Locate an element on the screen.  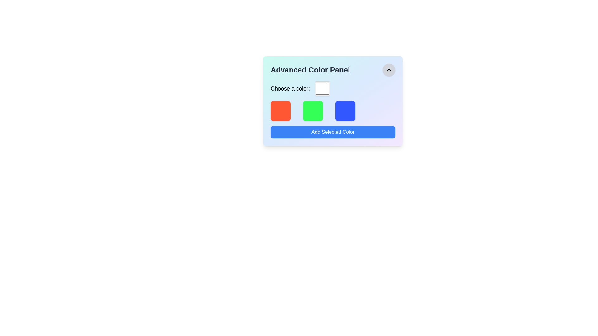
the color input field labeled 'Choose a color:' is located at coordinates (333, 89).